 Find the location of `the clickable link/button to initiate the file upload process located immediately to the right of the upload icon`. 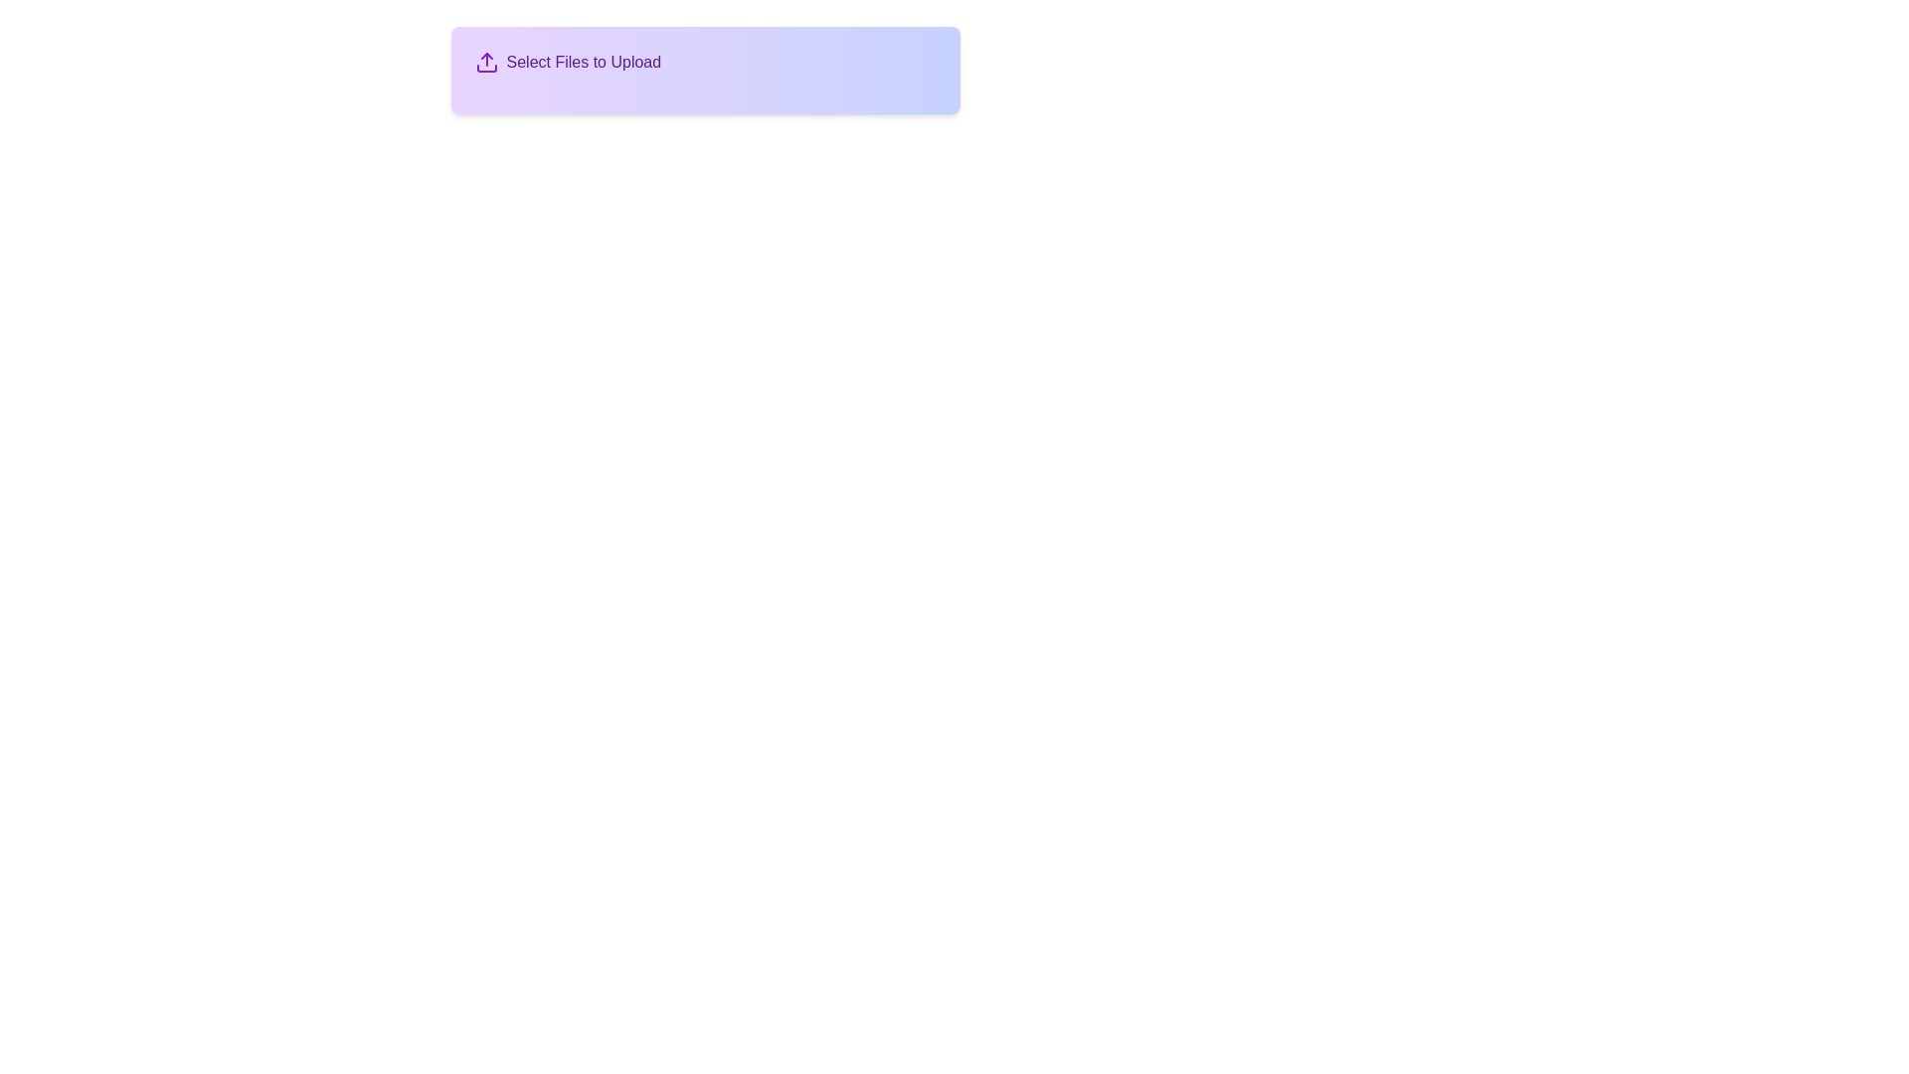

the clickable link/button to initiate the file upload process located immediately to the right of the upload icon is located at coordinates (582, 61).